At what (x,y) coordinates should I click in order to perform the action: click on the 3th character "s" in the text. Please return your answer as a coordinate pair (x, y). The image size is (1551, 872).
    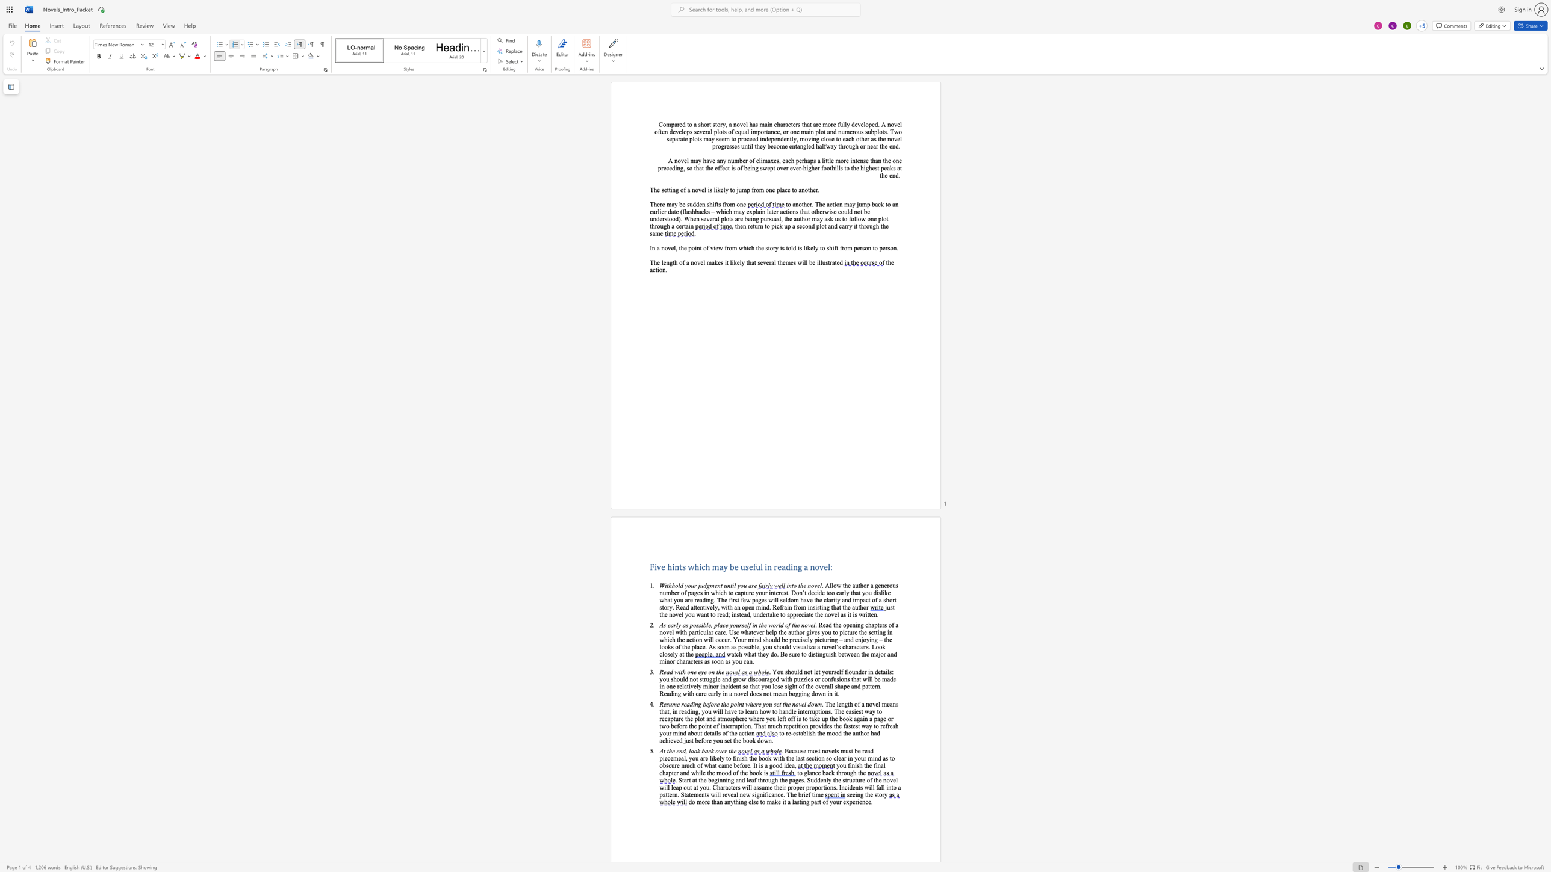
    Looking at the image, I should click on (894, 725).